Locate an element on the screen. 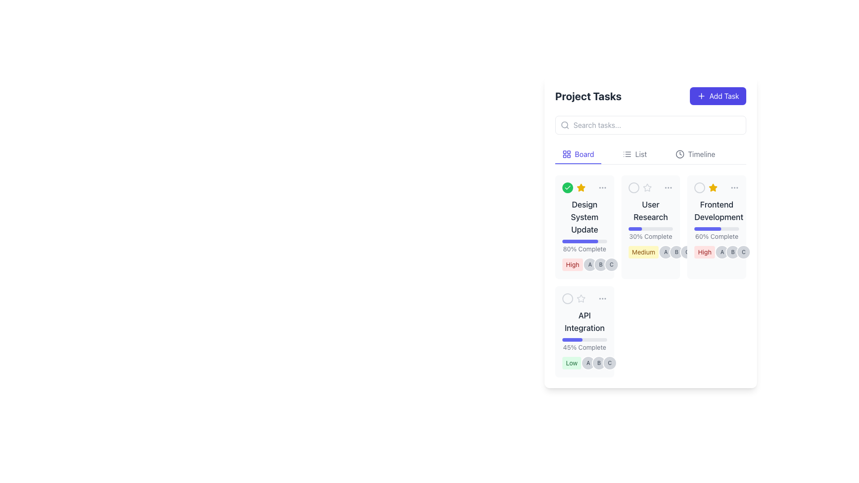 This screenshot has width=859, height=483. the Circular avatar icon labeled 'B', which is positioned between icons 'A' and 'C' in the 'User Research' card of the 'Project Tasks' section is located at coordinates (676, 252).